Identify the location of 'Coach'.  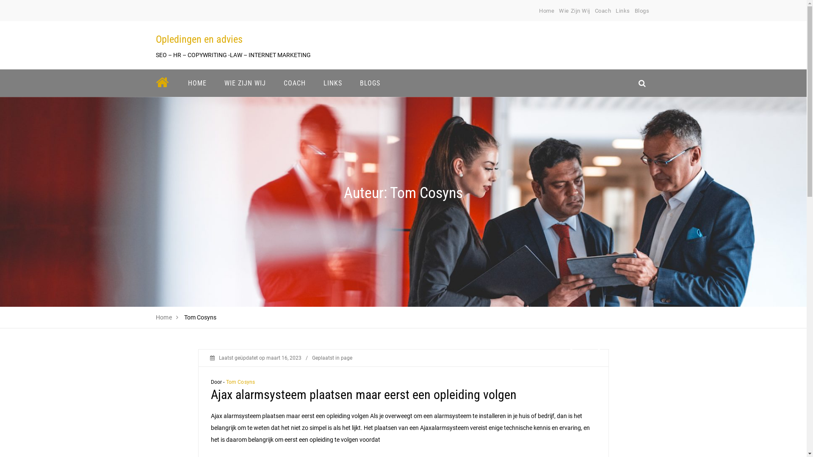
(603, 11).